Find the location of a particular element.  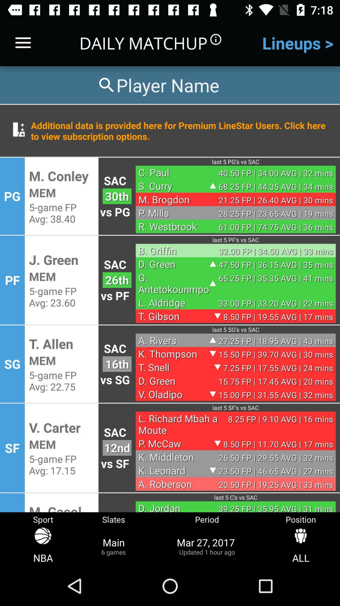

the icon above the vs sg item is located at coordinates (117, 364).